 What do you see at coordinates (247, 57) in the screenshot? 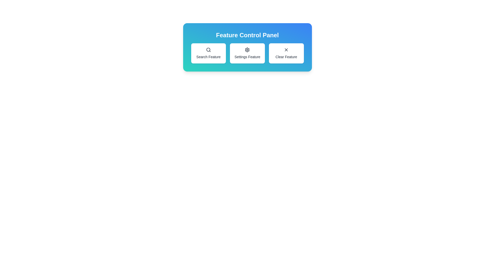
I see `the 'Settings Feature' text label within the button, which is styled in a medium-sized font and is located centrally below a gear icon in the second button from the left inside the 'Feature Control Panel'` at bounding box center [247, 57].